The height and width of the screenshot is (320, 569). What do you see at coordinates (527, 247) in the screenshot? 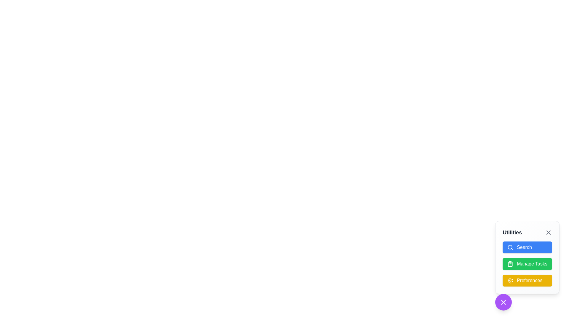
I see `the 'Search' button with a blue background and white text, located in the top-third of the 'Utilities' menu` at bounding box center [527, 247].